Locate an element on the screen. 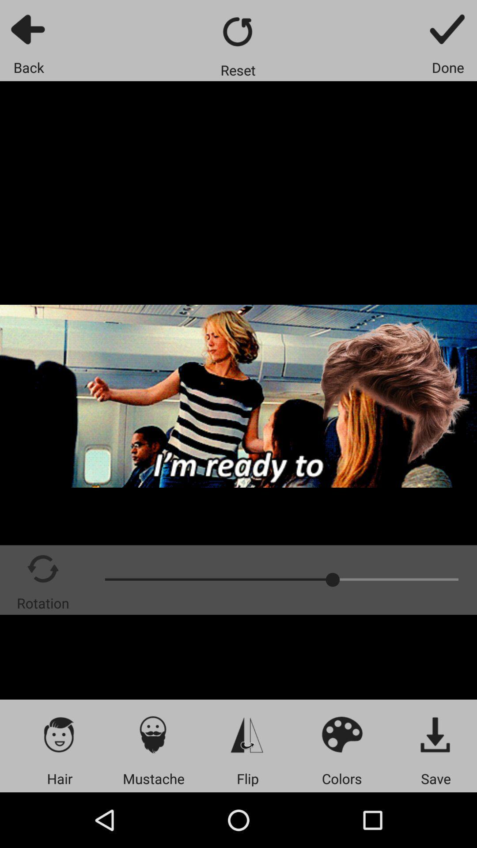  finish with your current edit is located at coordinates (448, 29).